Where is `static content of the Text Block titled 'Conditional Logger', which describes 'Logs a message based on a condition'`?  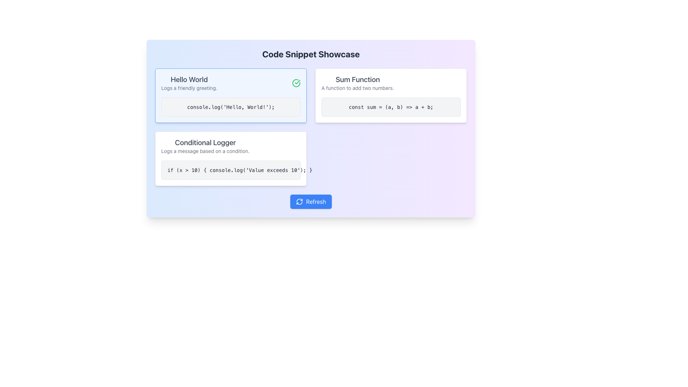
static content of the Text Block titled 'Conditional Logger', which describes 'Logs a message based on a condition' is located at coordinates (205, 146).